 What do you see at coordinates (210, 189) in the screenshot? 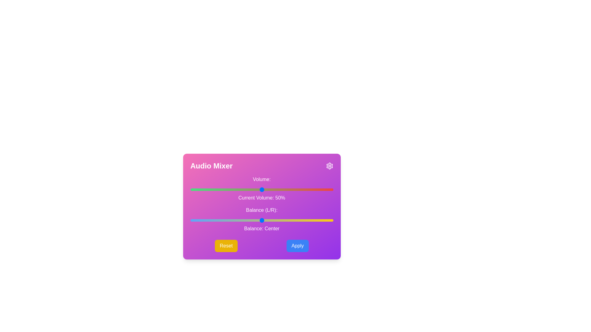
I see `the volume slider to set the volume to 14%` at bounding box center [210, 189].